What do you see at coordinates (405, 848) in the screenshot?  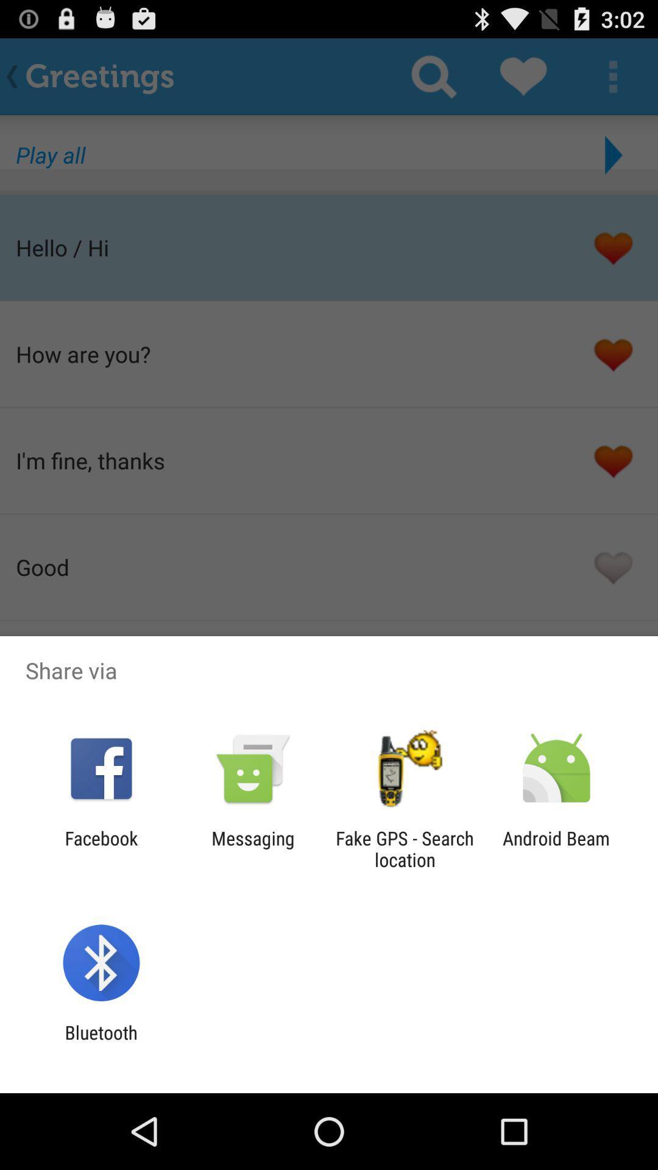 I see `the icon to the left of the android beam icon` at bounding box center [405, 848].